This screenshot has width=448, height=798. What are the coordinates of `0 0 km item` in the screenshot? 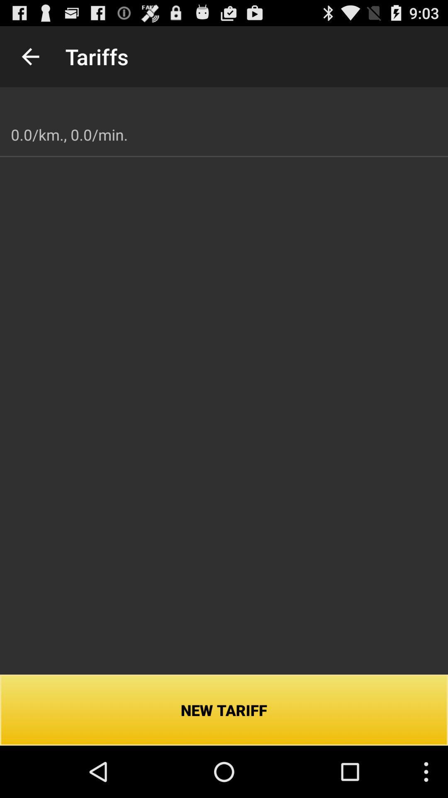 It's located at (69, 135).